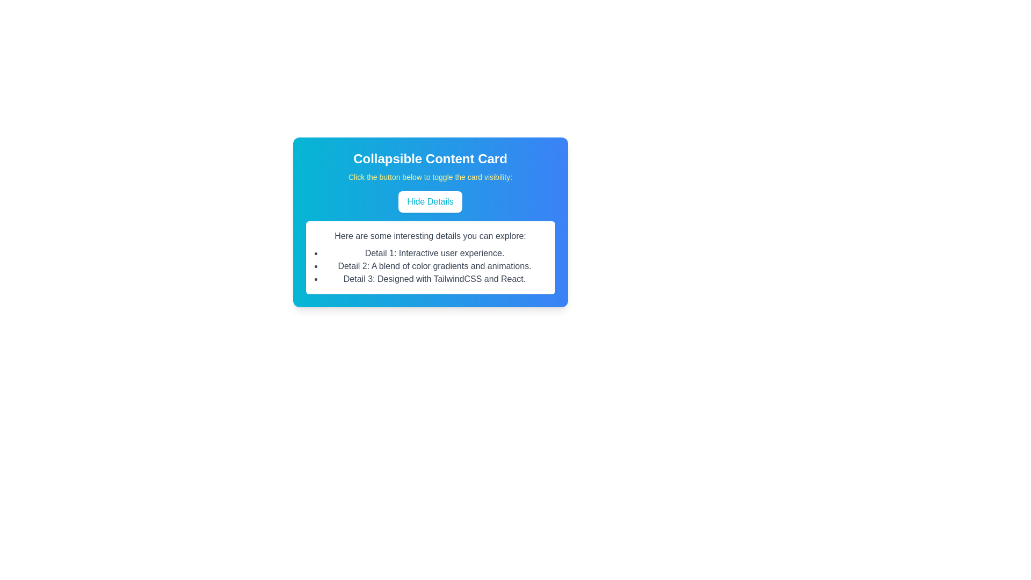 This screenshot has height=580, width=1031. I want to click on the 'Hide Details' button with cyan text on a white background located in the middle of a collapsible content card, so click(430, 201).